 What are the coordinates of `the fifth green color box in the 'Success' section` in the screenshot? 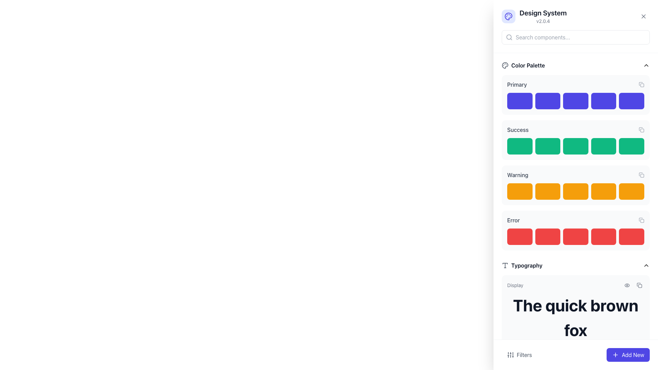 It's located at (631, 146).